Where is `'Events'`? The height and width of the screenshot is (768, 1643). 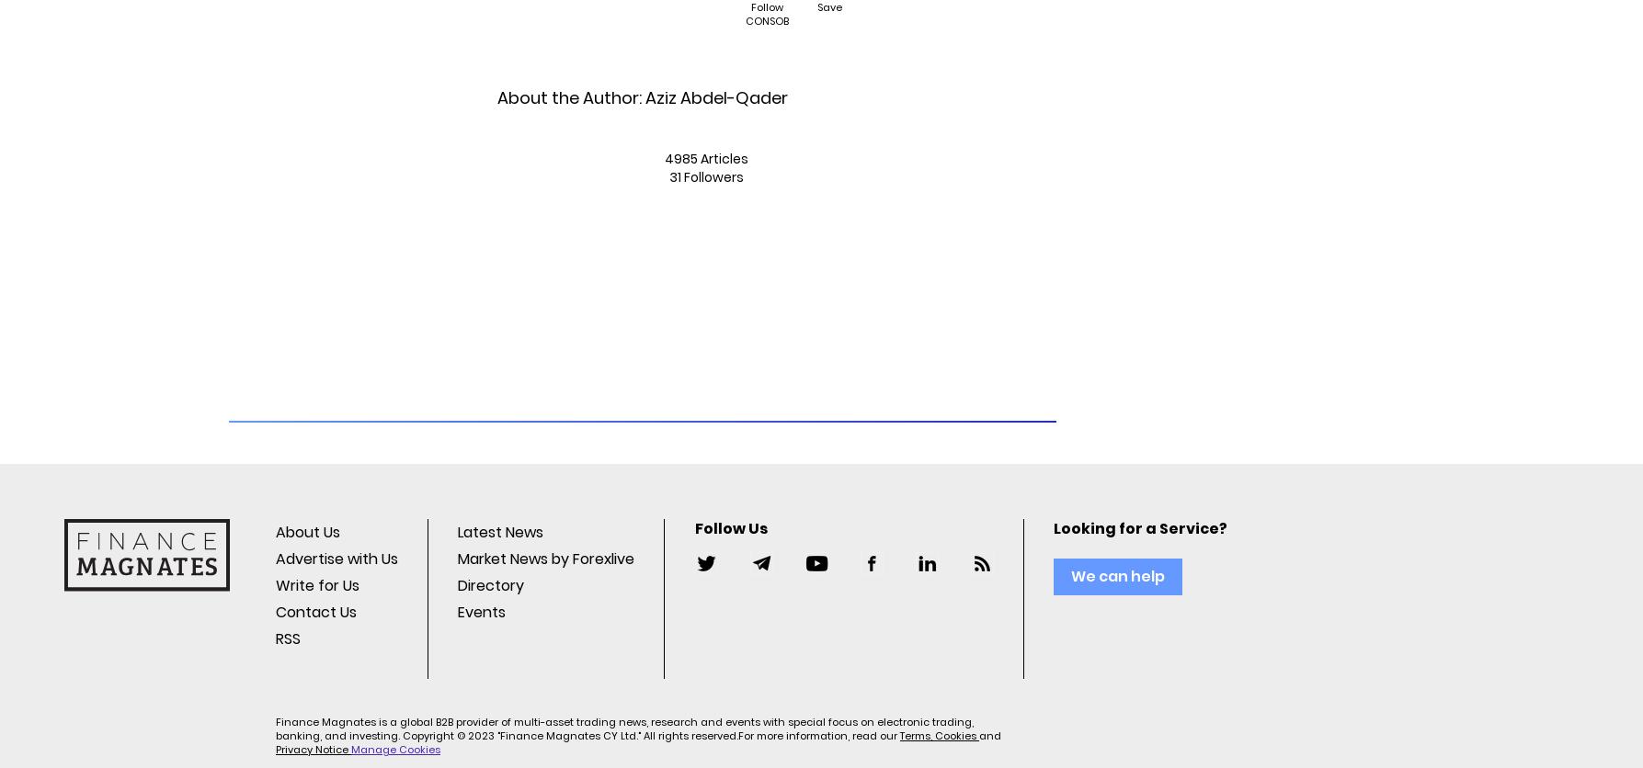
'Events' is located at coordinates (481, 612).